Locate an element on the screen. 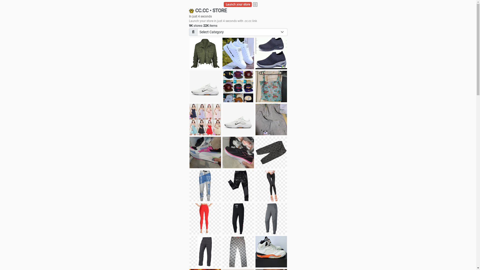 Image resolution: width=480 pixels, height=270 pixels. 'Pant' is located at coordinates (205, 218).